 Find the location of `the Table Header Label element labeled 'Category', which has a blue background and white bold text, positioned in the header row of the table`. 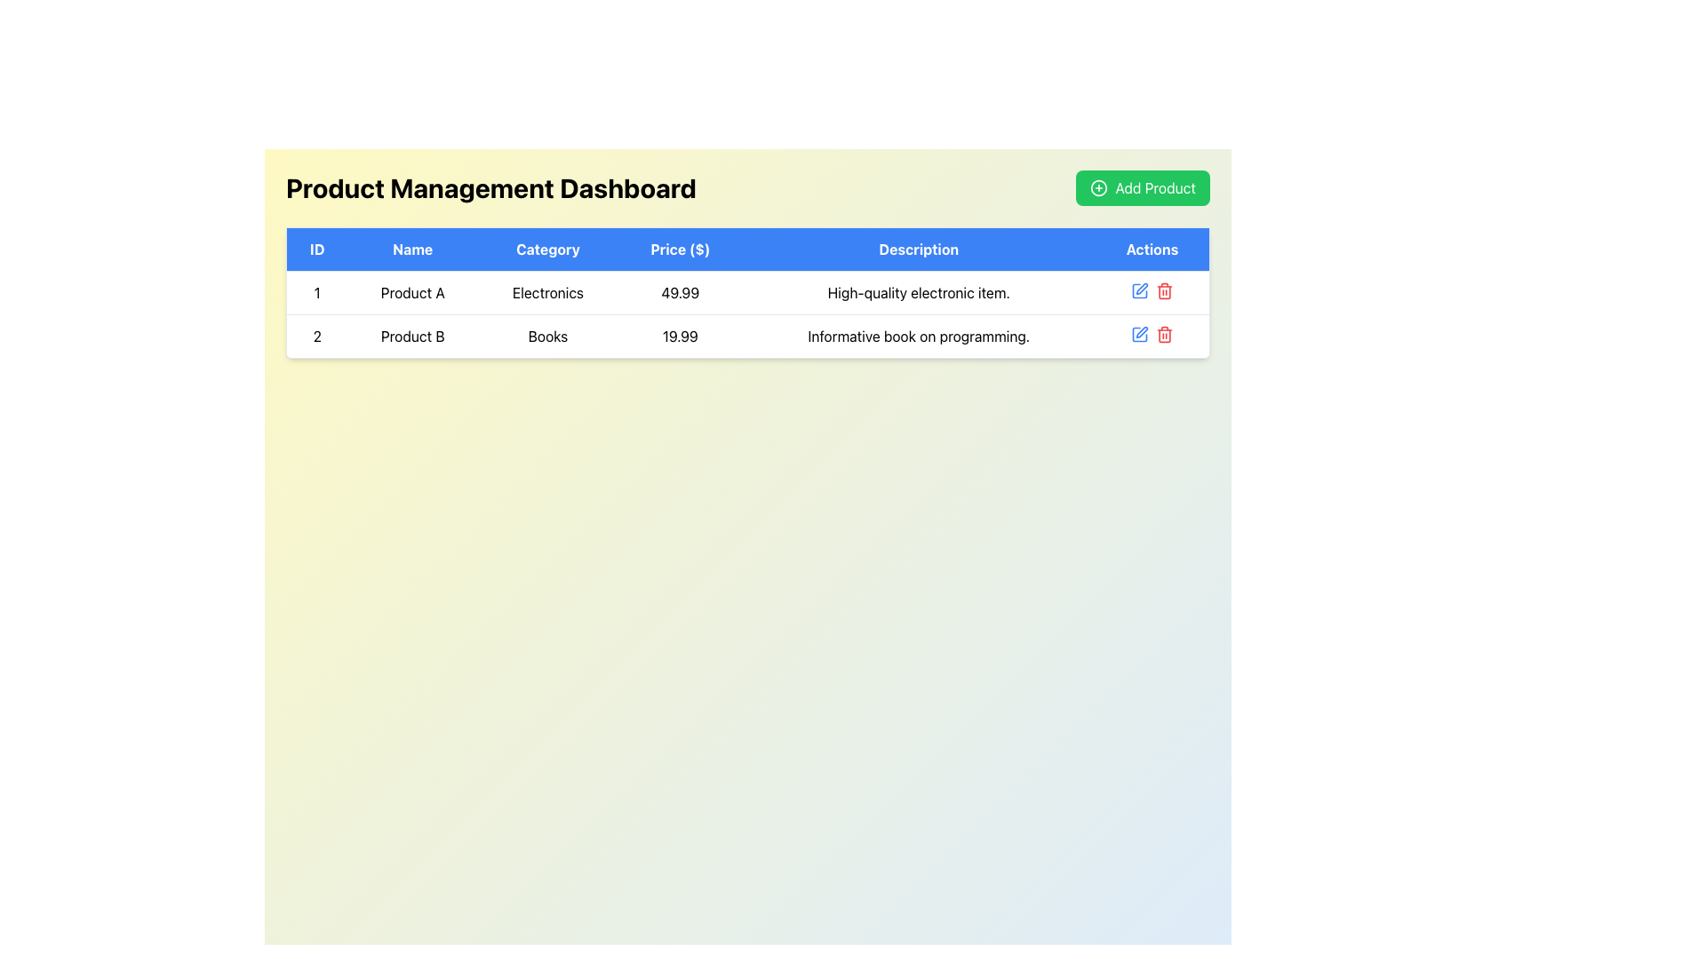

the Table Header Label element labeled 'Category', which has a blue background and white bold text, positioned in the header row of the table is located at coordinates (547, 250).